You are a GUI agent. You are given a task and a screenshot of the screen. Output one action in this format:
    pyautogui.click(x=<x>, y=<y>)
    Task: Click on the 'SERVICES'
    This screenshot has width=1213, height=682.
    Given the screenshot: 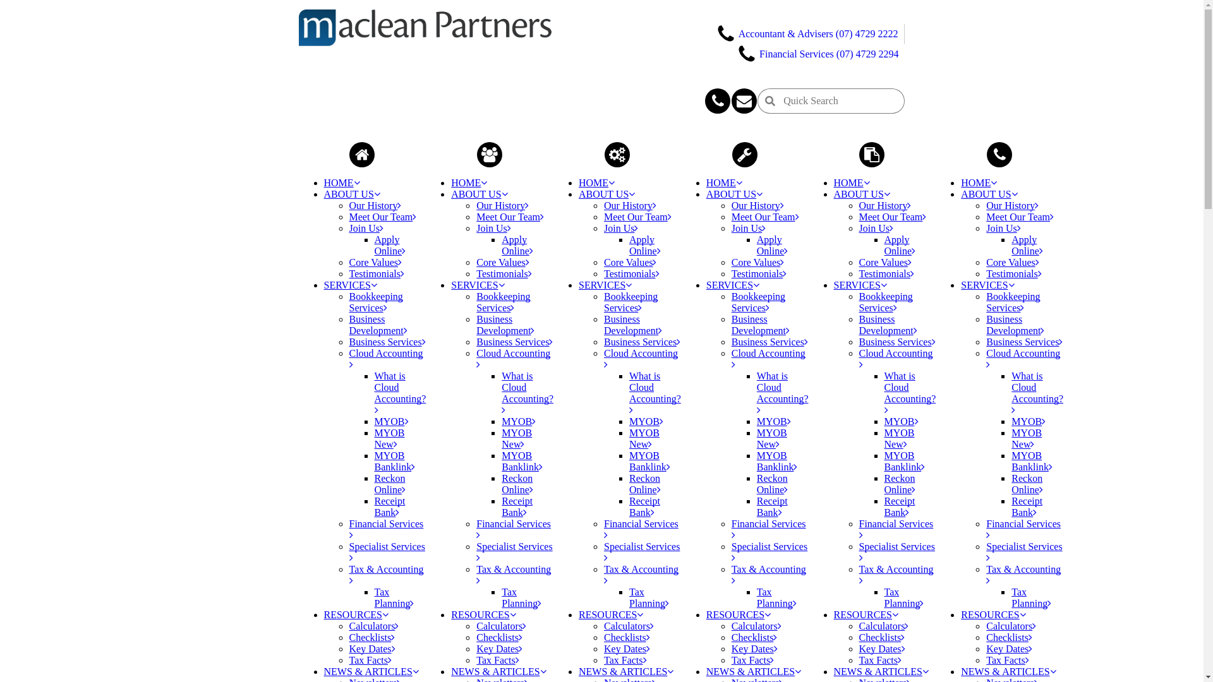 What is the action you would take?
    pyautogui.click(x=605, y=285)
    